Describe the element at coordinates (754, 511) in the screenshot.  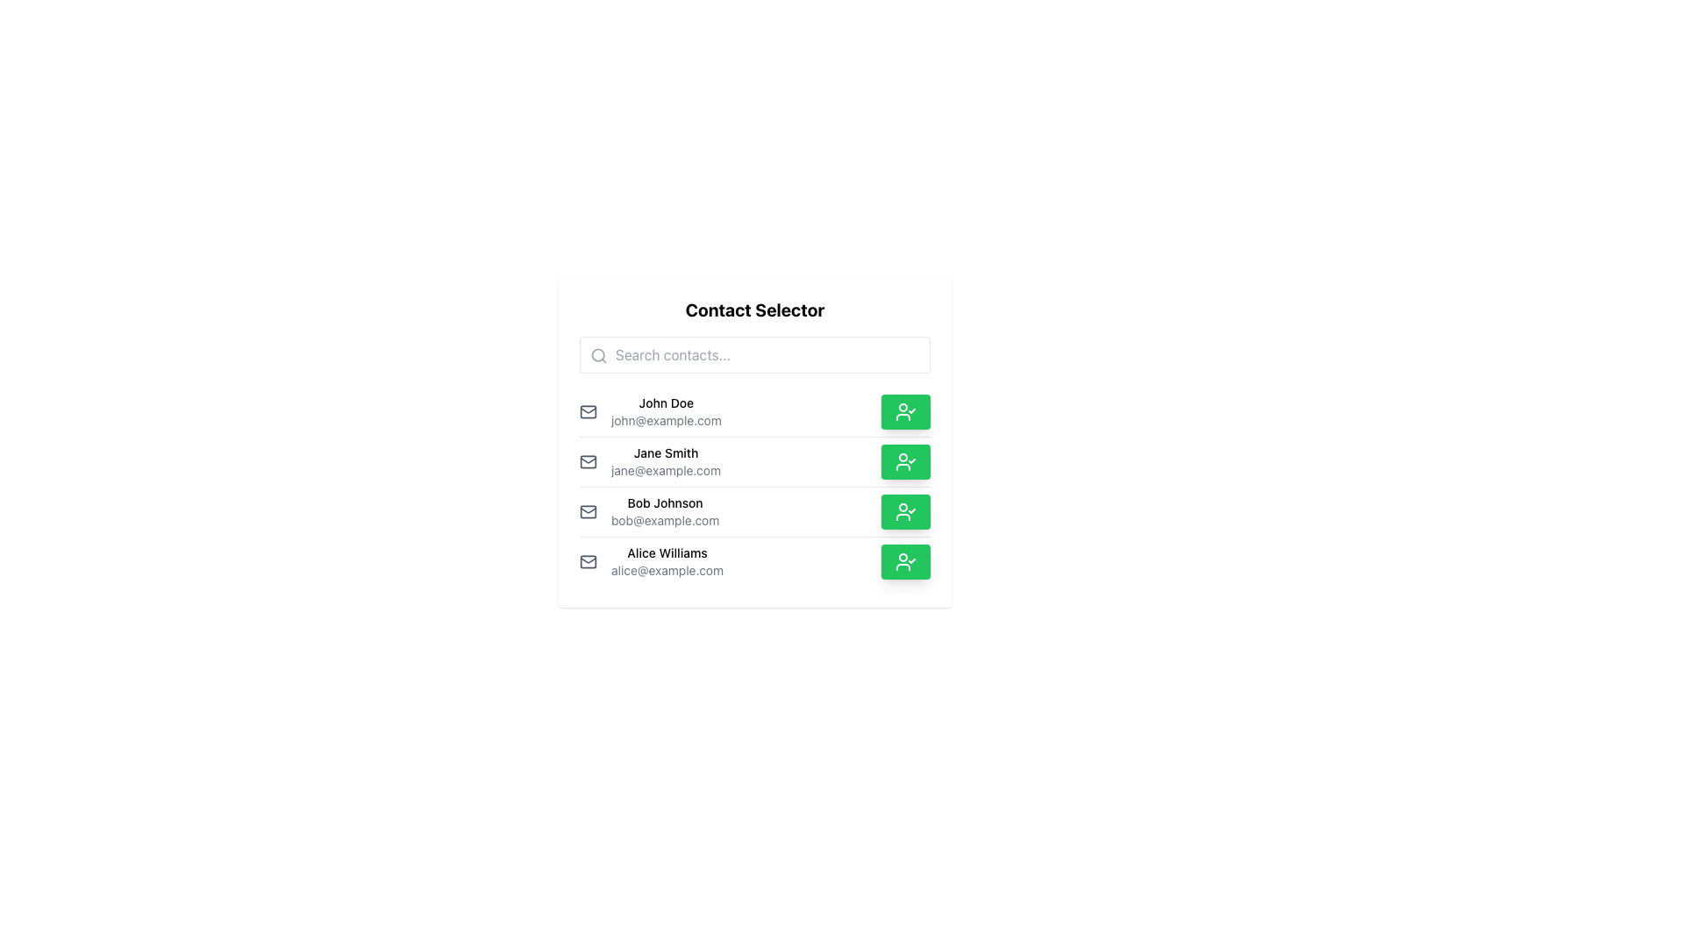
I see `the third contact entry in the contact list` at that location.